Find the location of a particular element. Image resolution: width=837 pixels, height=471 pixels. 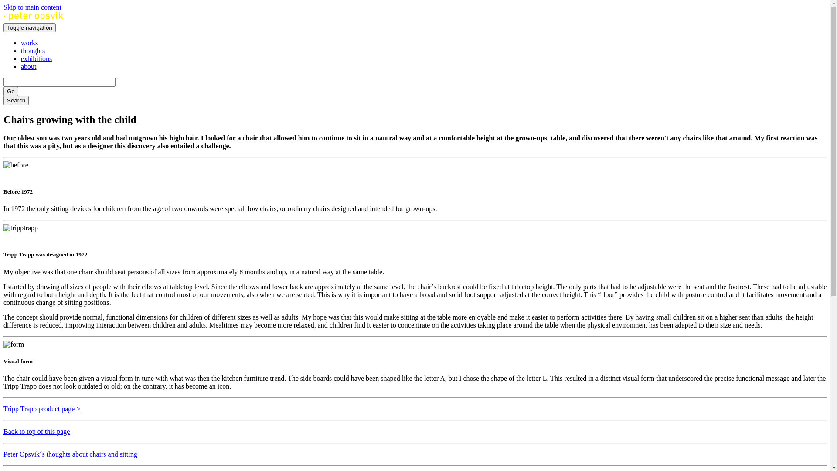

'Back to top of this page' is located at coordinates (36, 431).